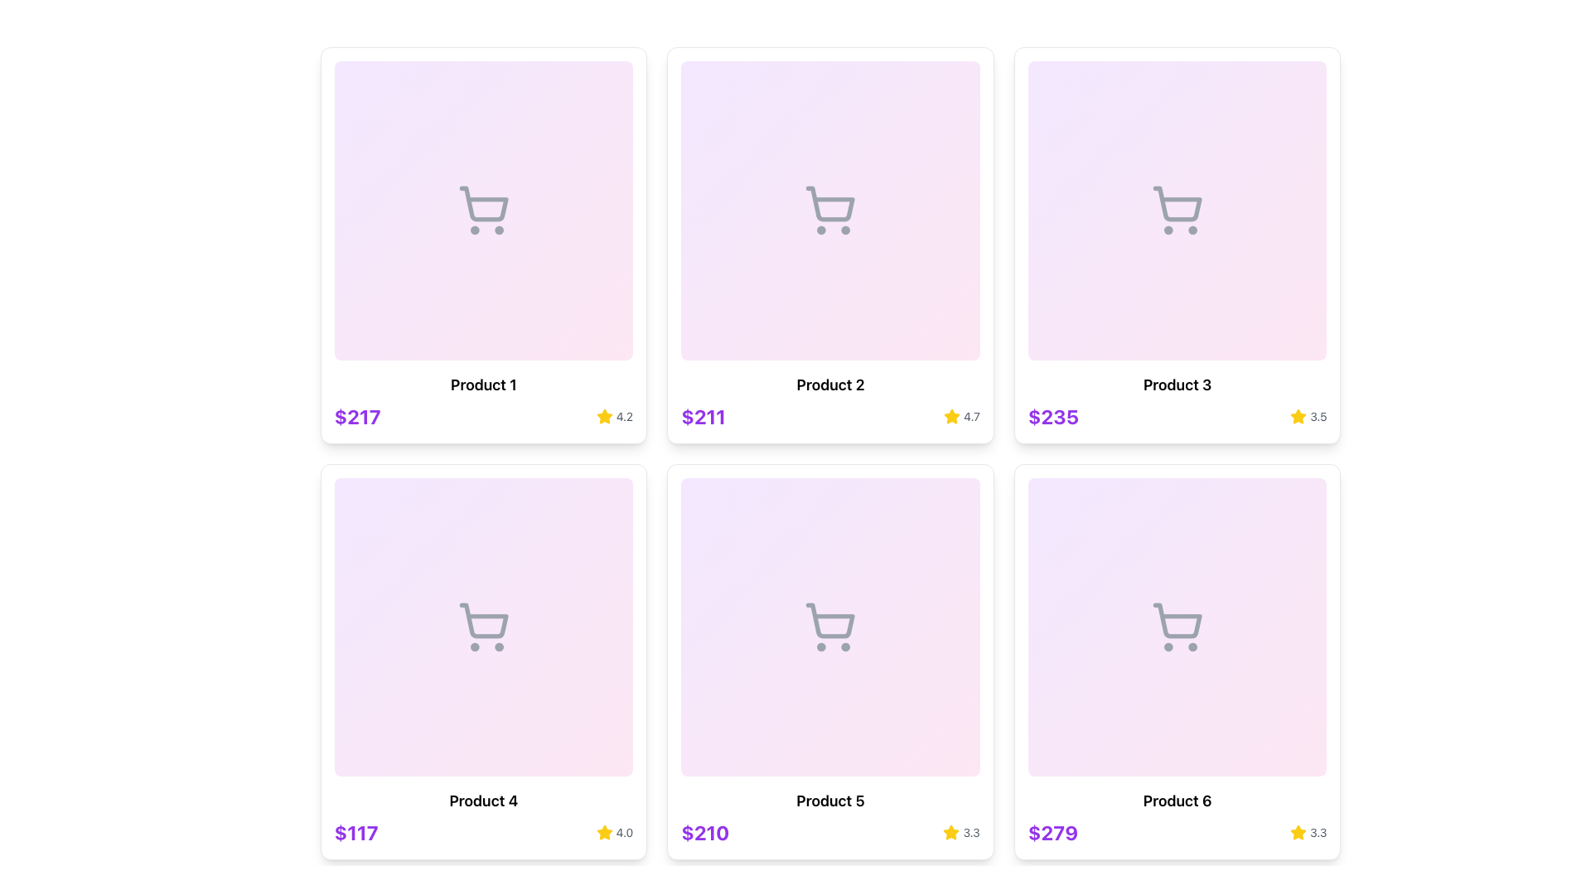  What do you see at coordinates (830, 801) in the screenshot?
I see `the text label displaying 'Product 5'` at bounding box center [830, 801].